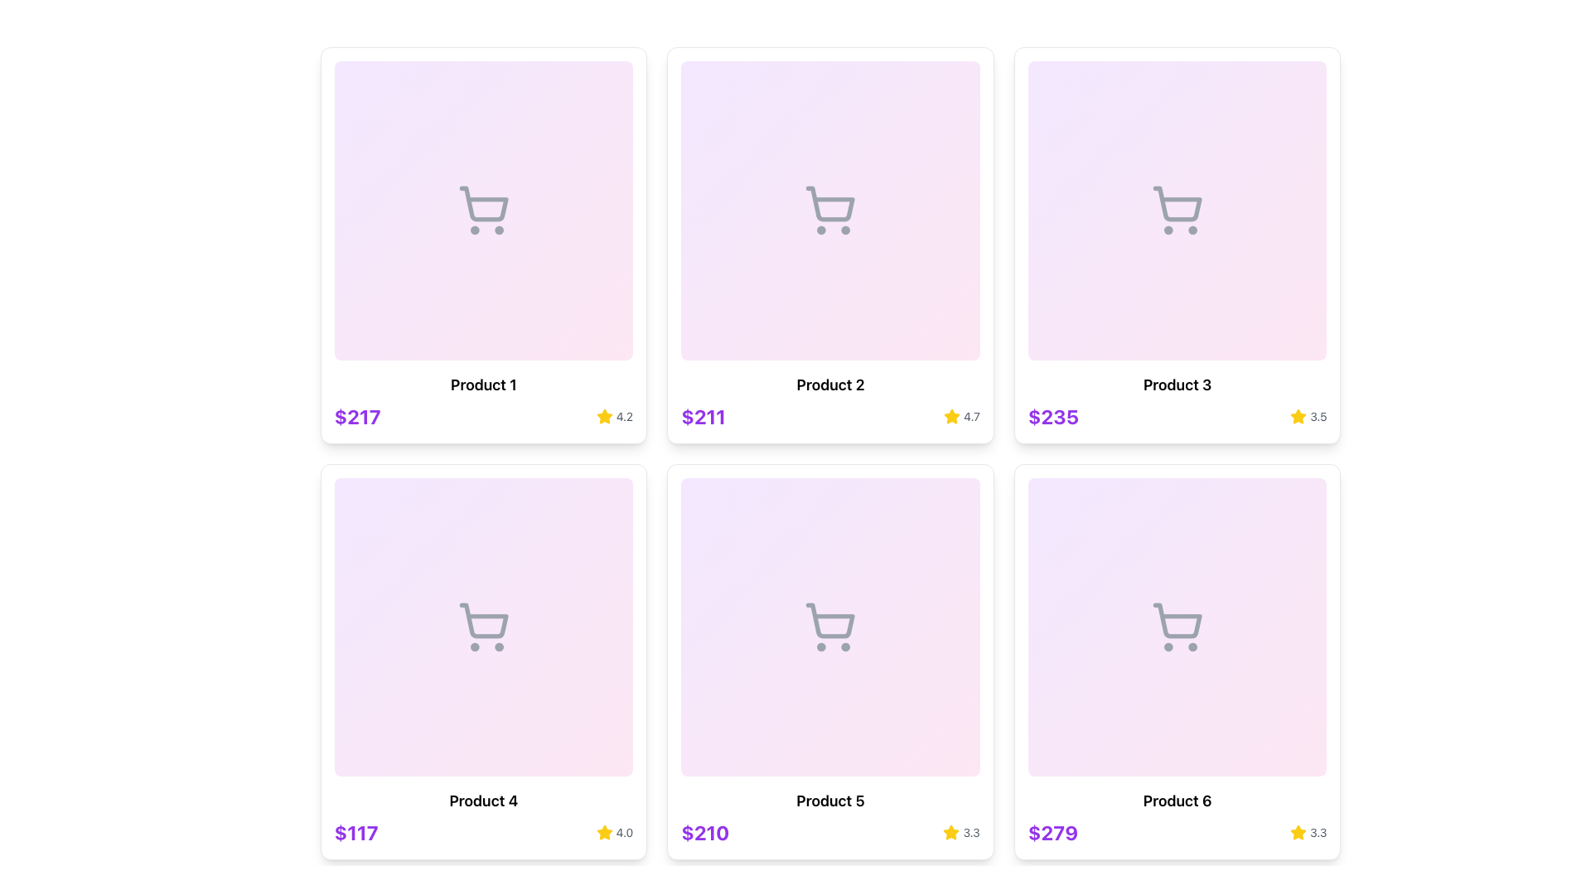  What do you see at coordinates (830, 801) in the screenshot?
I see `the text label displaying 'Product 5'` at bounding box center [830, 801].